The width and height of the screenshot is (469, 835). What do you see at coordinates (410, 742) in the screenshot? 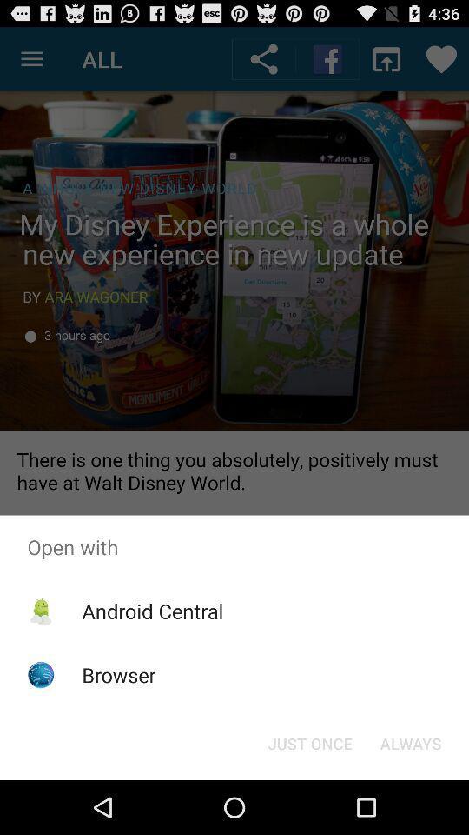
I see `the always` at bounding box center [410, 742].